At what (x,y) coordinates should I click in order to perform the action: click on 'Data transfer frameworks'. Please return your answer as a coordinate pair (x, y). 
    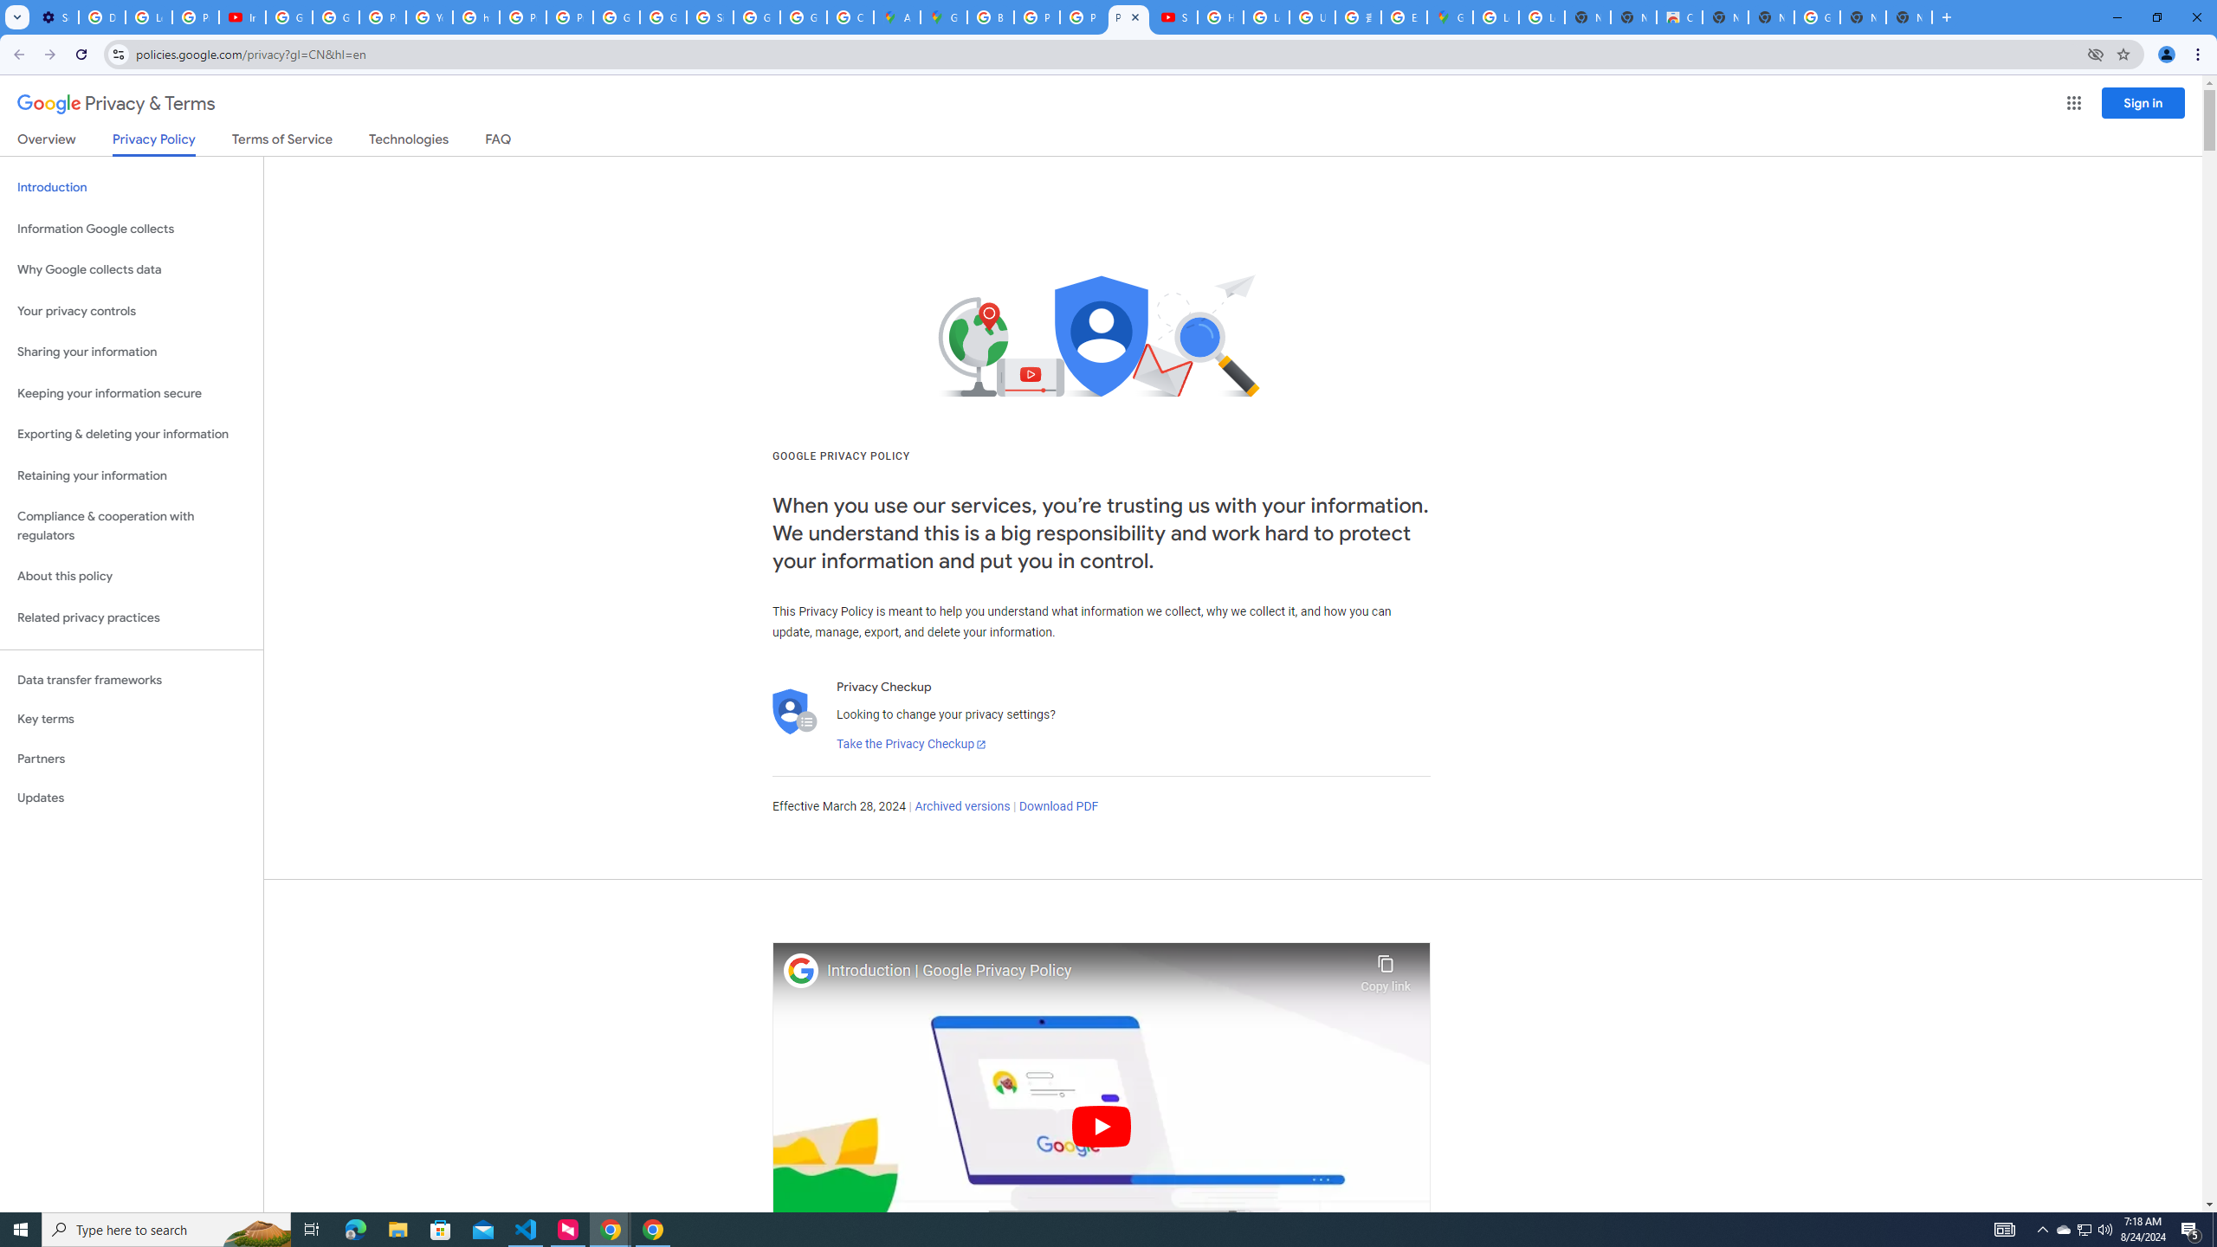
    Looking at the image, I should click on (131, 680).